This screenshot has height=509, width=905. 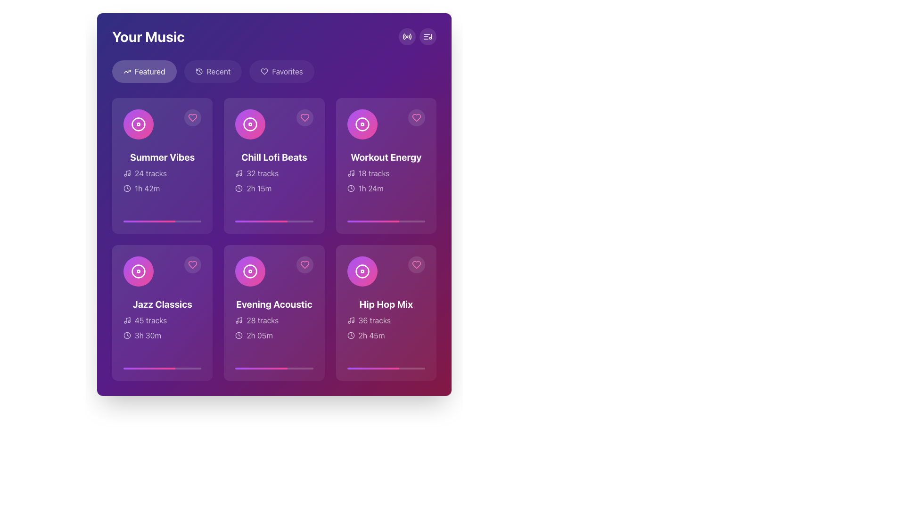 I want to click on the 'like' button for the 'Hip Hop Mix' item located at the top-right corner of the fourth card in the lower row of the grid, so click(x=416, y=265).